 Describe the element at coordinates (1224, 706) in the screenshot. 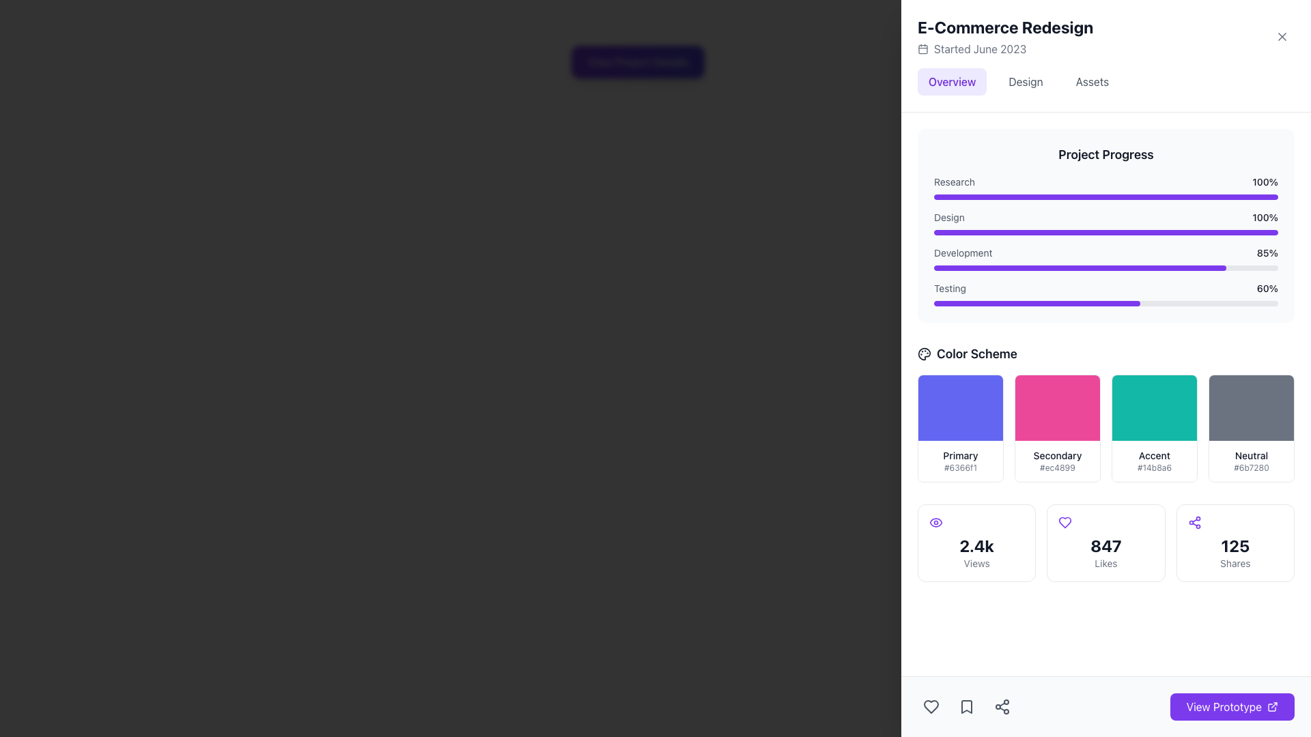

I see `text content of the label indicating the purpose of the button to access or view a prototype, located at the bottom-right of the interface within a larger rectangular button` at that location.